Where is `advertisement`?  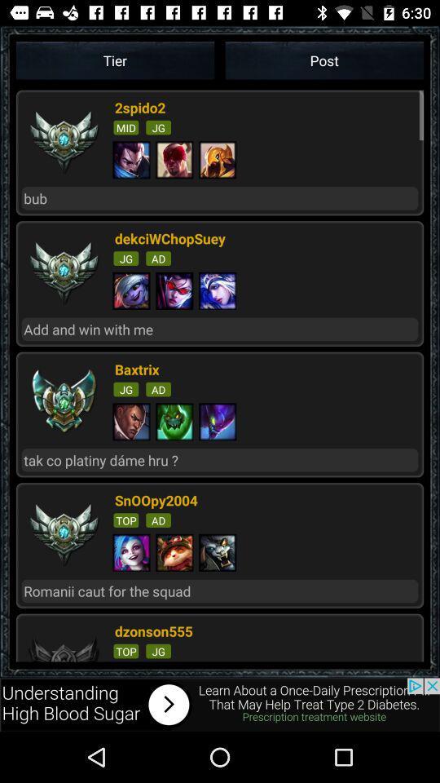
advertisement is located at coordinates (220, 704).